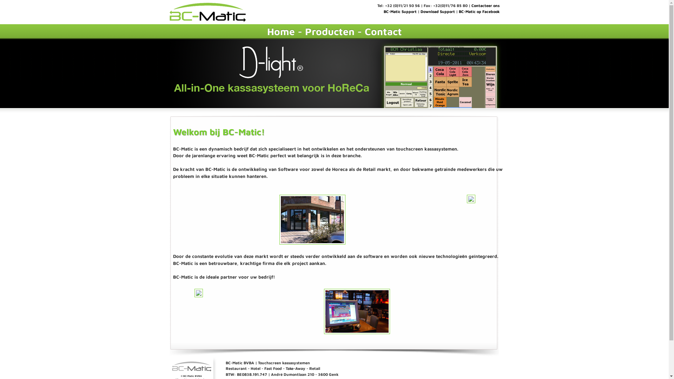 The image size is (674, 379). I want to click on 'Producten', so click(305, 31).